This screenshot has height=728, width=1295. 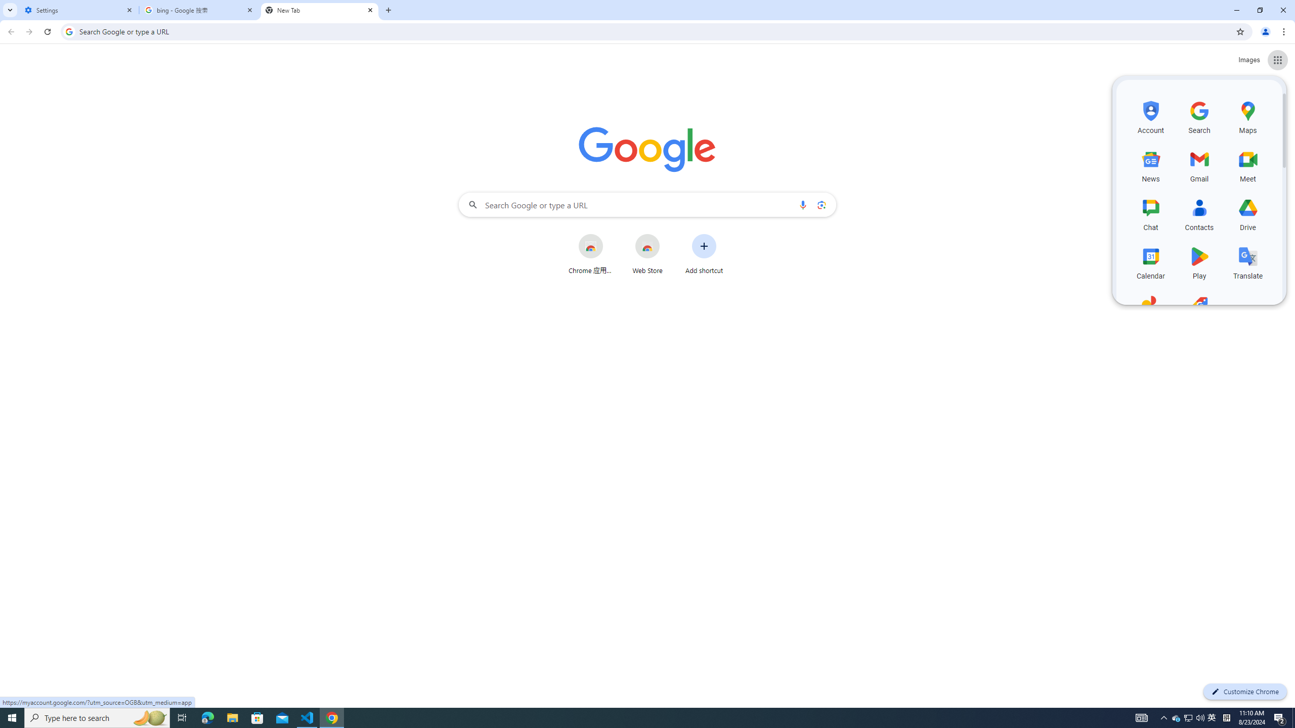 What do you see at coordinates (647, 205) in the screenshot?
I see `'Search Google or type a URL'` at bounding box center [647, 205].